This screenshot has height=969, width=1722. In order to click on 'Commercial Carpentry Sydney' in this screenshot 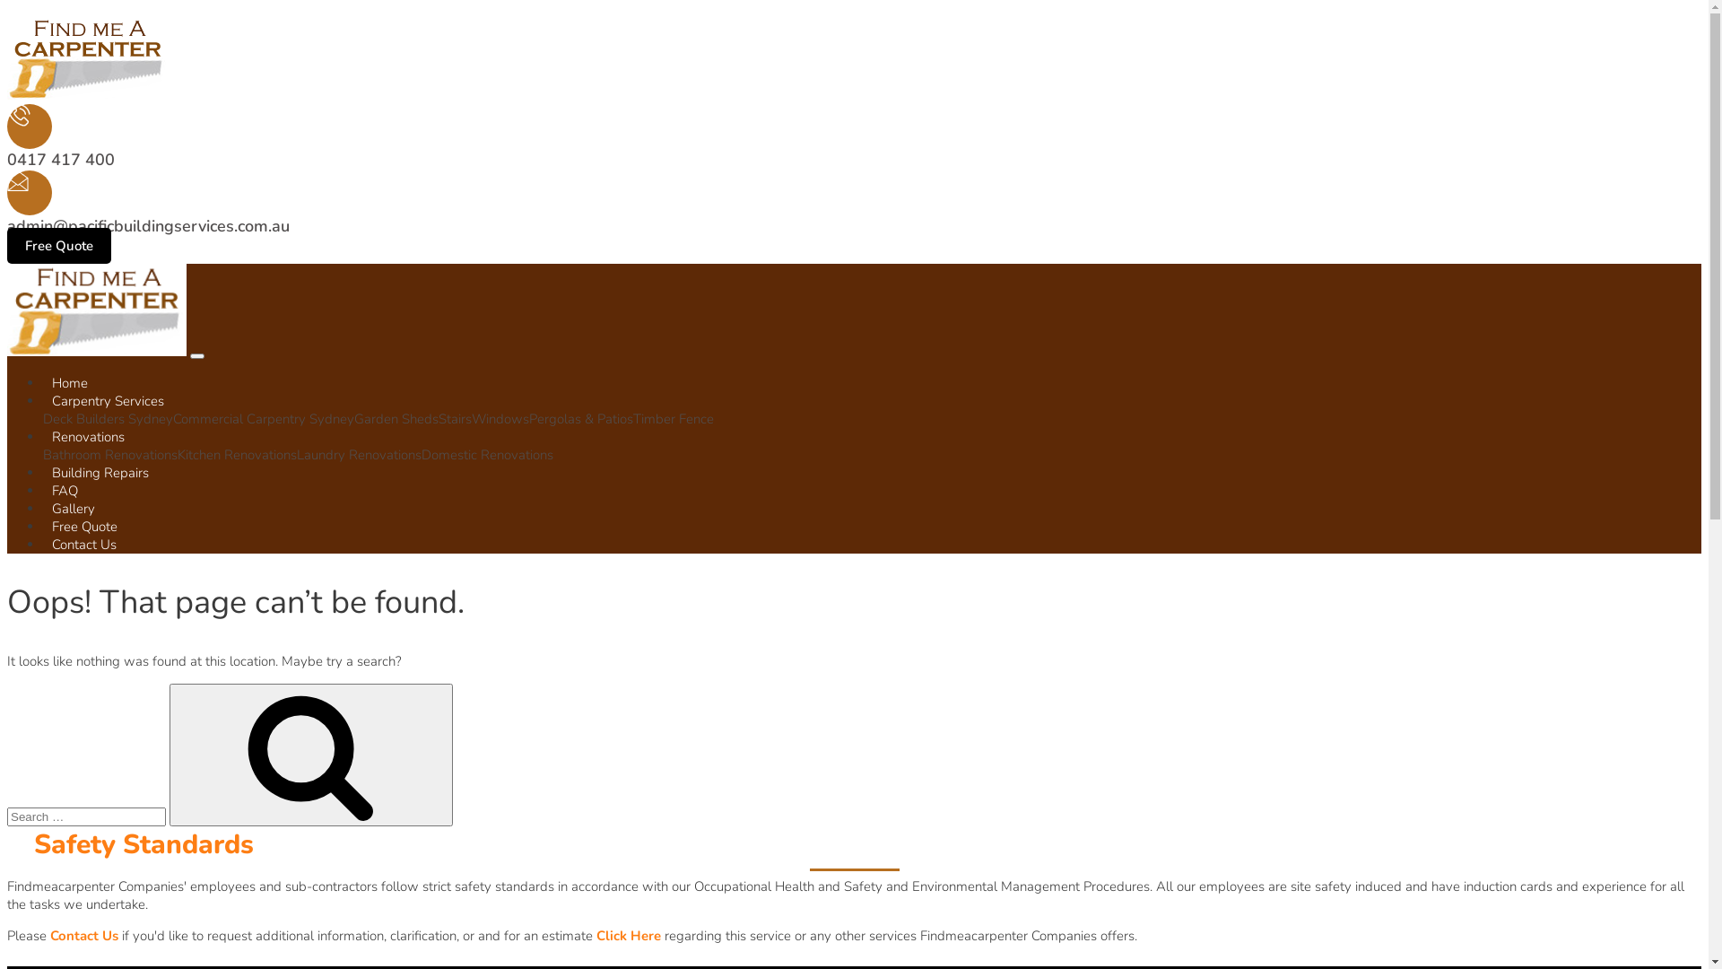, I will do `click(262, 418)`.